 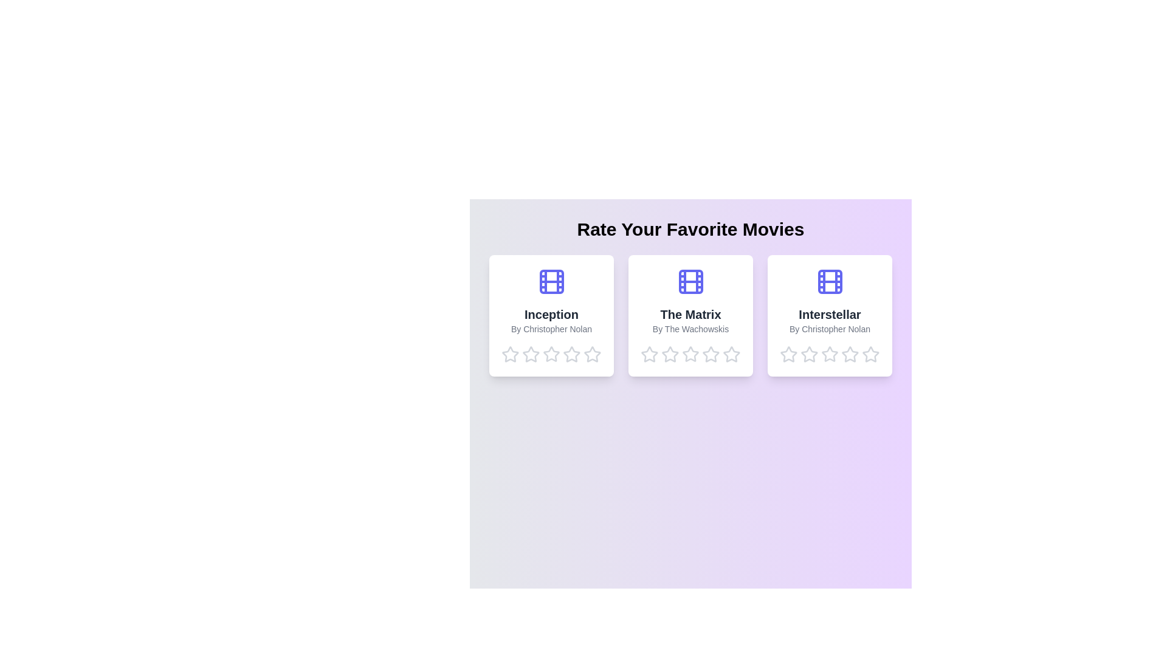 What do you see at coordinates (870, 354) in the screenshot?
I see `the star corresponding to 5 stars for the movie Interstellar` at bounding box center [870, 354].